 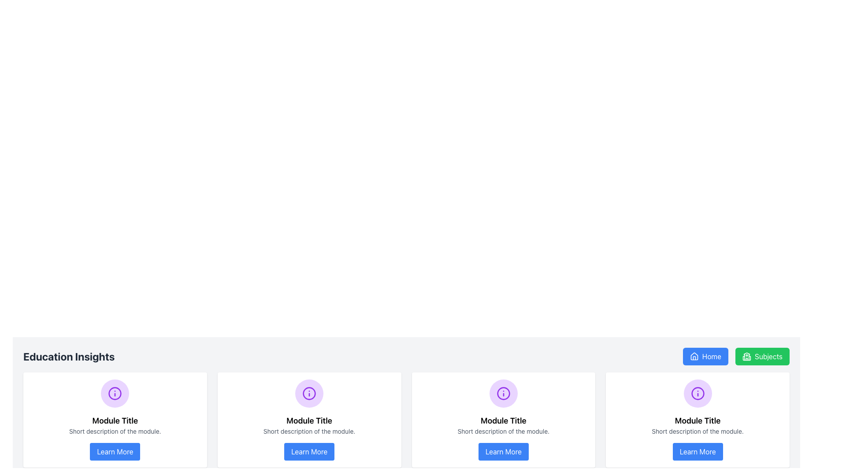 I want to click on the Text Label displaying the title of the module, which is centrally located within the second module card, so click(x=309, y=420).